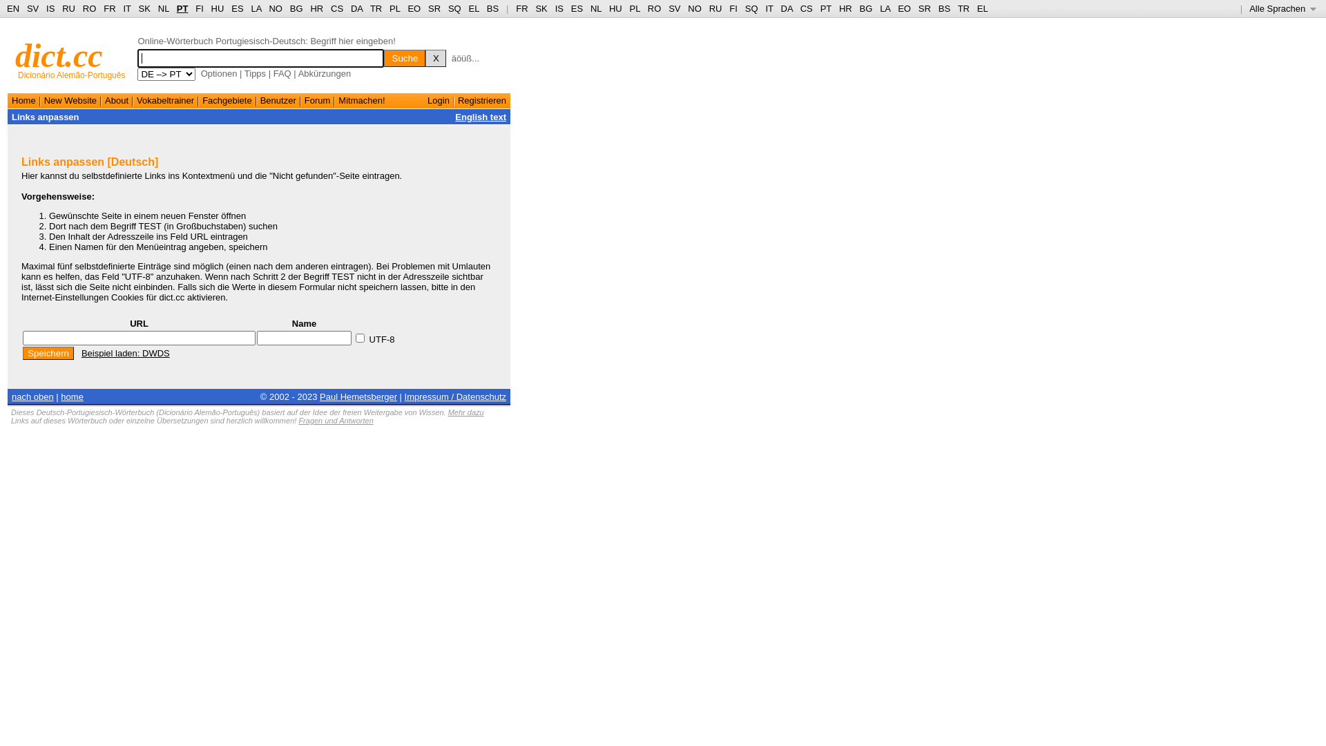 The image size is (1326, 746). I want to click on 'RU', so click(715, 8).